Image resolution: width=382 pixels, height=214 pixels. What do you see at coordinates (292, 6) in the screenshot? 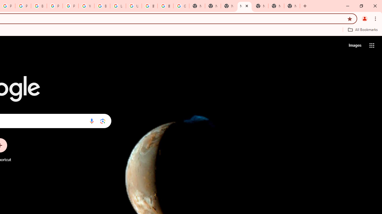
I see `'New Tab'` at bounding box center [292, 6].